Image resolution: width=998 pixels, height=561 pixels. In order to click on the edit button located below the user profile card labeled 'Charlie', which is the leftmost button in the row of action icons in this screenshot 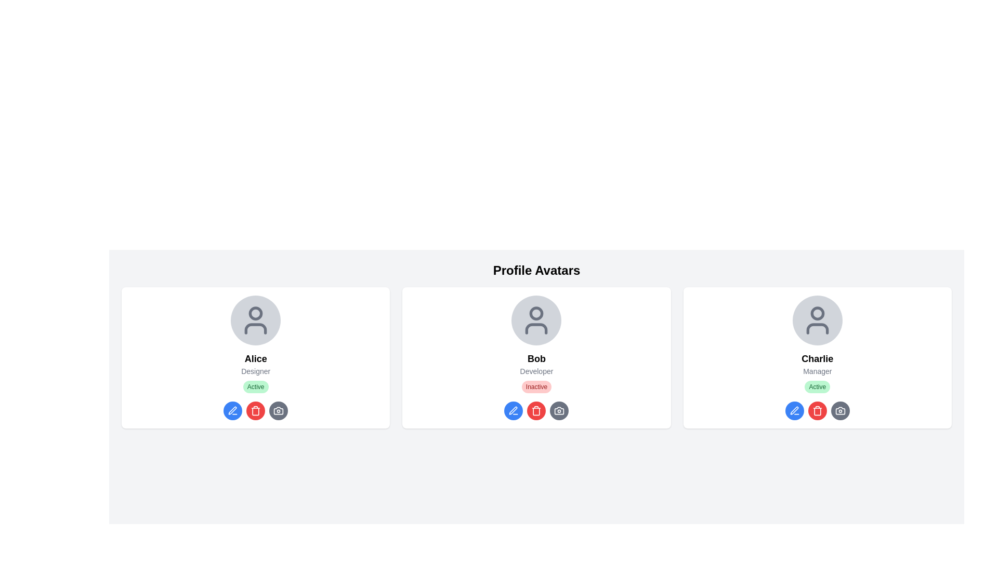, I will do `click(794, 410)`.